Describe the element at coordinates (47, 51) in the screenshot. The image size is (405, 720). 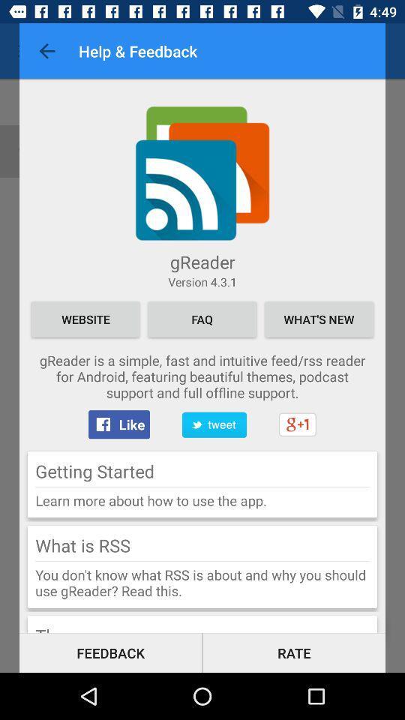
I see `the icon at the top left corner` at that location.